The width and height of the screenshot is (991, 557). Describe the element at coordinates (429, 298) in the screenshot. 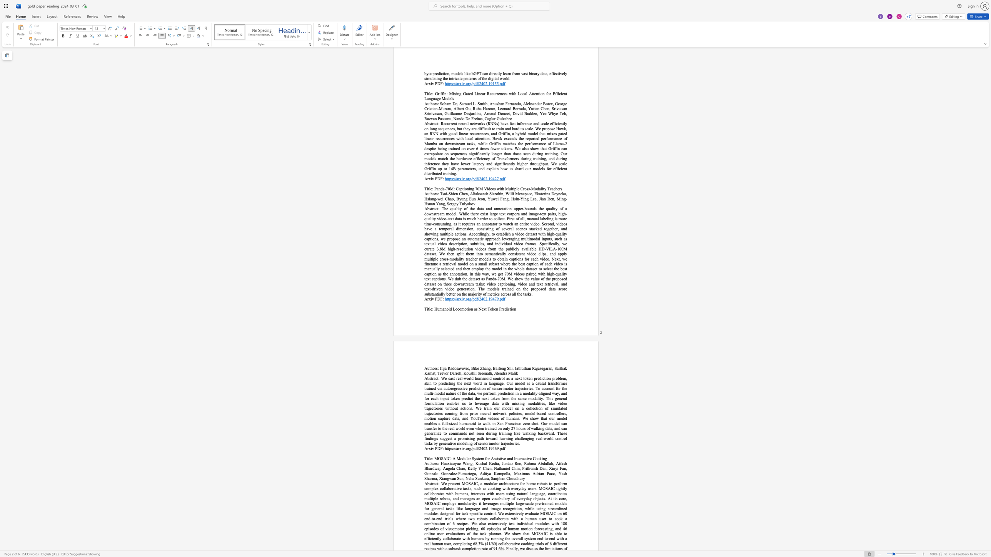

I see `the space between the continuous character "r" and "x" in the text` at that location.